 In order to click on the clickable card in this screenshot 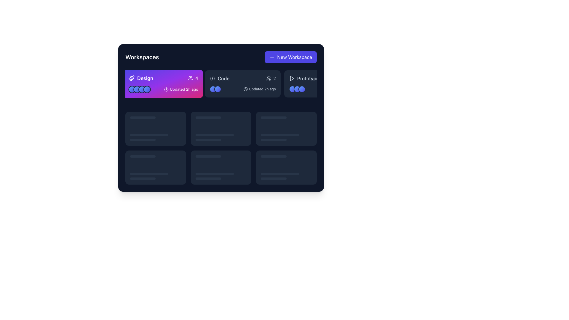, I will do `click(156, 128)`.